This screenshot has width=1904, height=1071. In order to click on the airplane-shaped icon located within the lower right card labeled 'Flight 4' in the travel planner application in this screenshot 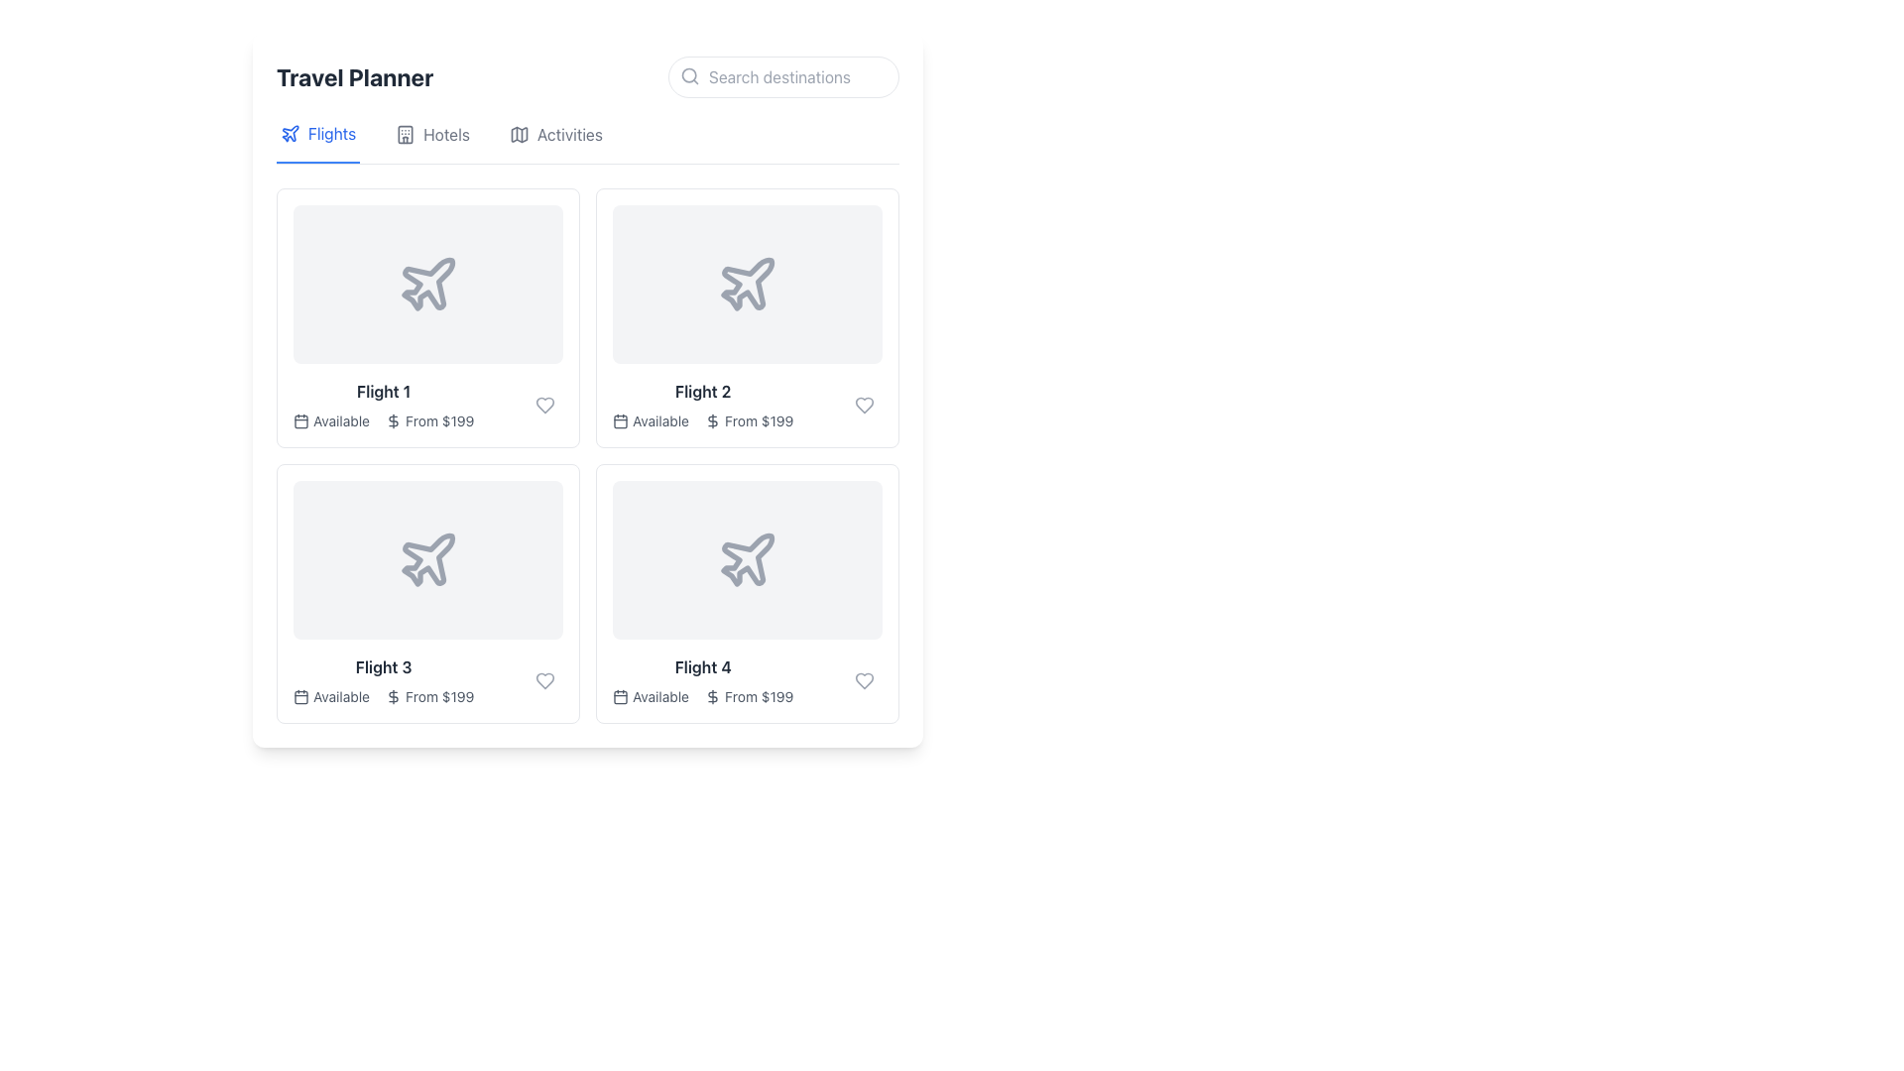, I will do `click(747, 559)`.